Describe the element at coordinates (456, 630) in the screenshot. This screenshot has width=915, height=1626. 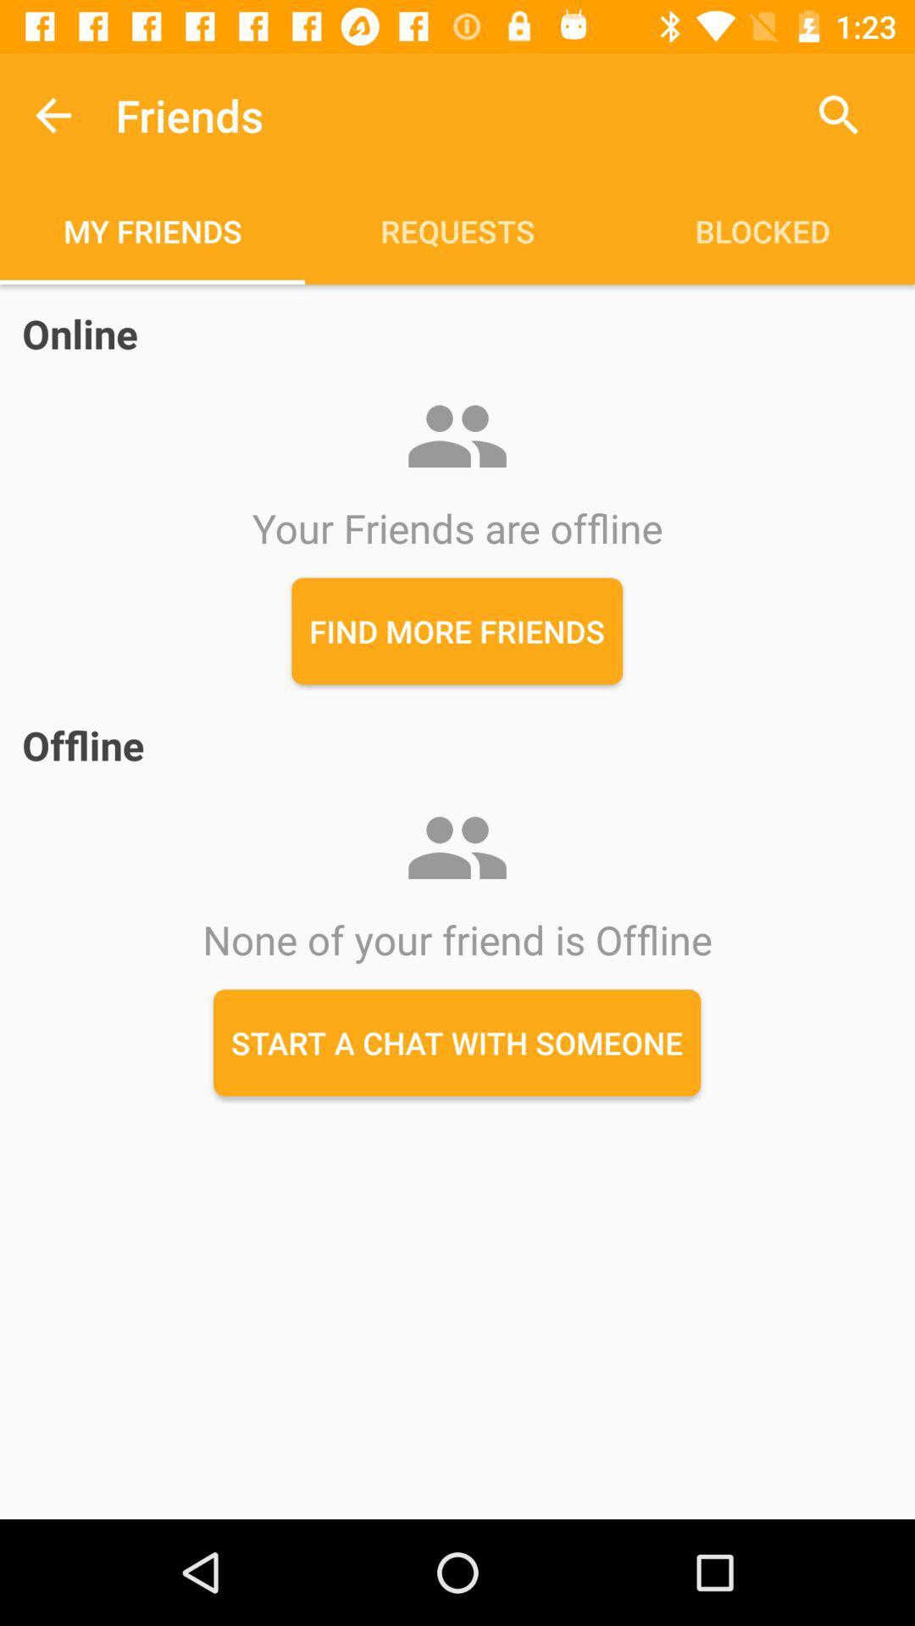
I see `item above offline` at that location.